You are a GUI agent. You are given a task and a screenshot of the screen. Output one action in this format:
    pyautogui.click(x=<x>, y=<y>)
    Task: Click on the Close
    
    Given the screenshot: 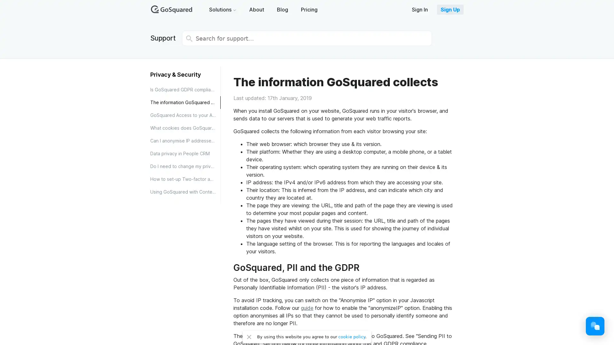 What is the action you would take?
    pyautogui.click(x=248, y=337)
    